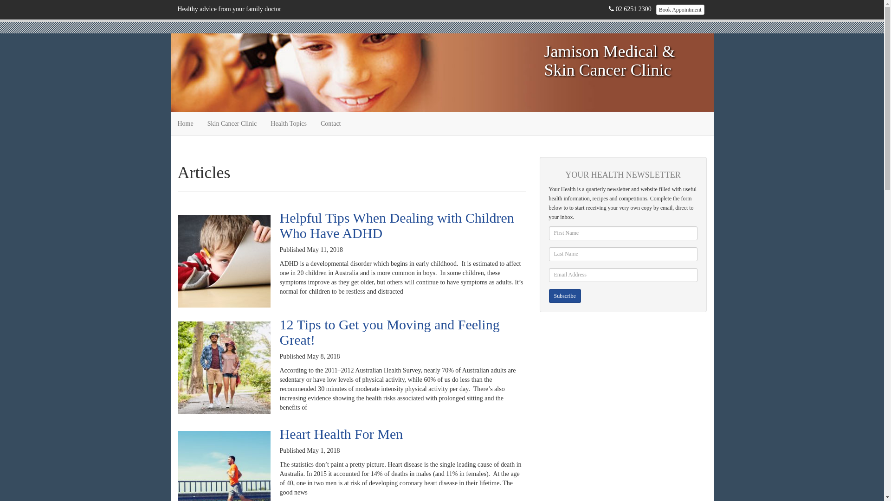 The height and width of the screenshot is (501, 891). What do you see at coordinates (680, 9) in the screenshot?
I see `'Book Appointment'` at bounding box center [680, 9].